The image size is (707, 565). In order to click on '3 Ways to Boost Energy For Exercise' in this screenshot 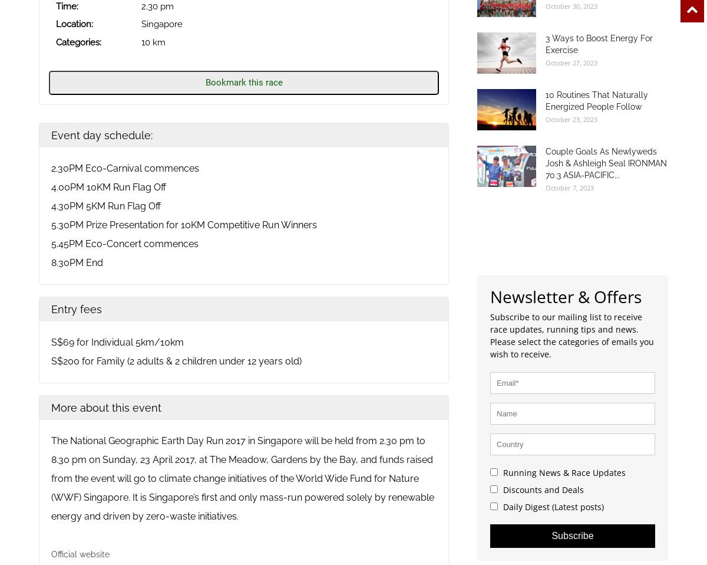, I will do `click(546, 42)`.